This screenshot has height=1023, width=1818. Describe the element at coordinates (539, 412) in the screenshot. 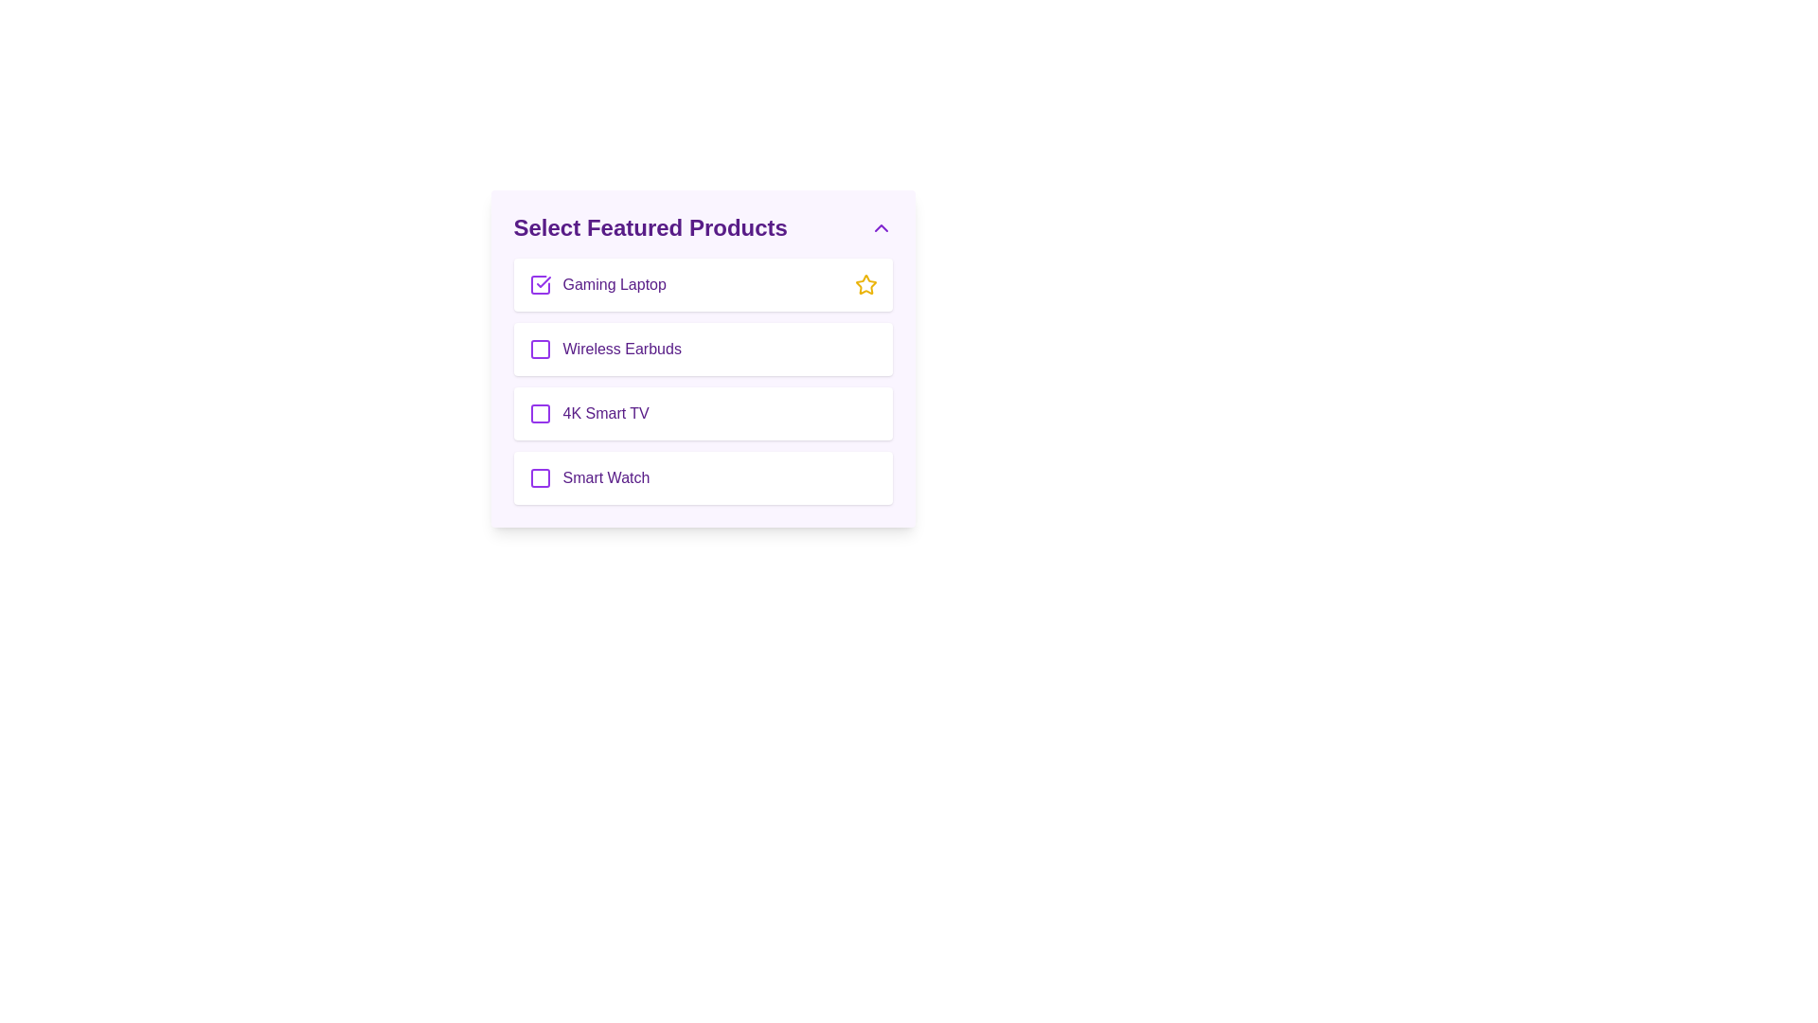

I see `the checkbox with a purple border and white interior located to the left of the '4K Smart TV' label` at that location.